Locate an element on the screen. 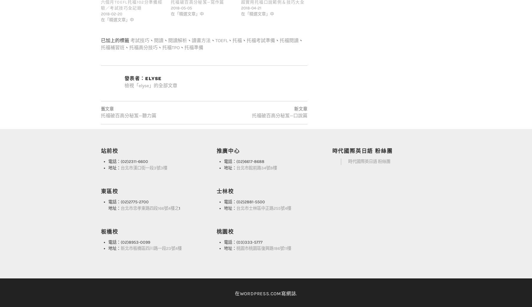 This screenshot has height=307, width=532. '新北市板橋區四川路一段23號4樓' is located at coordinates (150, 237).